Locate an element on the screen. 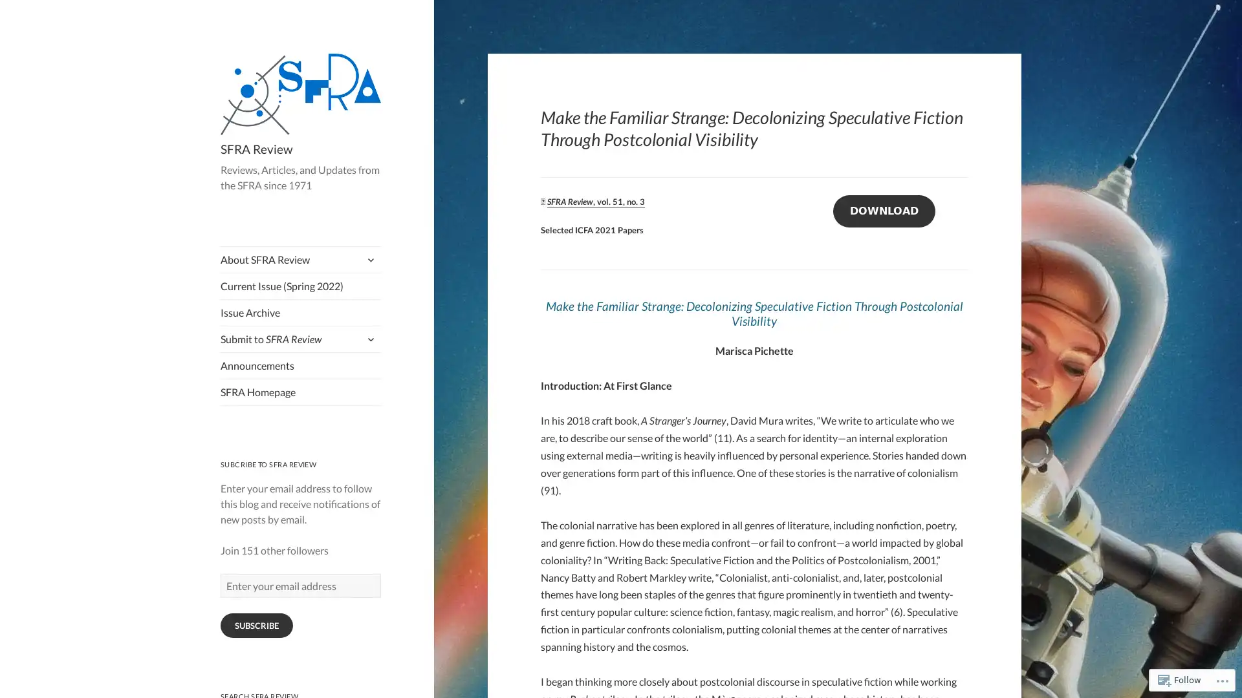 The image size is (1242, 698). expand child menu is located at coordinates (369, 259).